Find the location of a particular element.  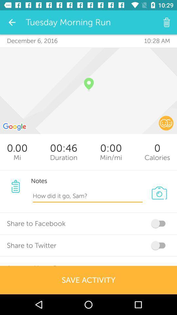

the emoji icon is located at coordinates (166, 123).